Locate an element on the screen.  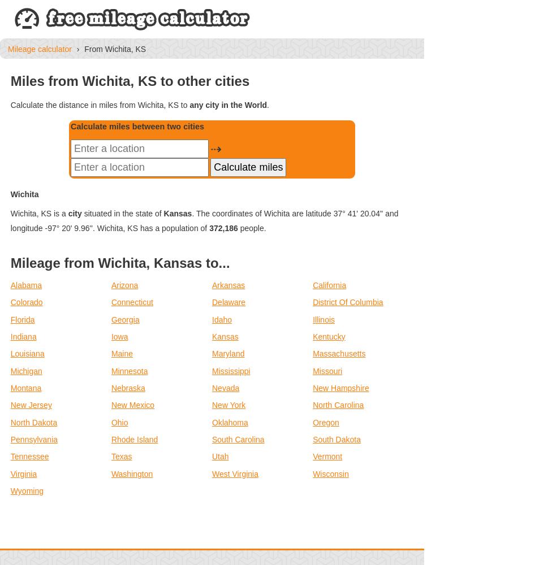
'Mileage from Wichita, Kansas to...' is located at coordinates (120, 262).